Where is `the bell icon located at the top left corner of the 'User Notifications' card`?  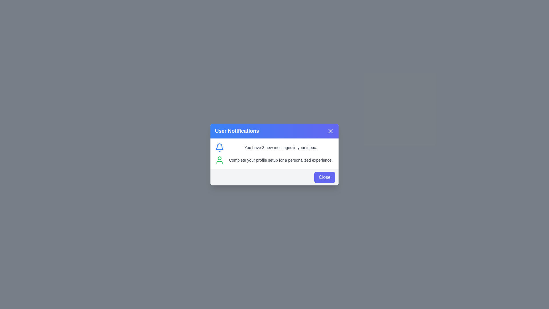 the bell icon located at the top left corner of the 'User Notifications' card is located at coordinates (219, 146).